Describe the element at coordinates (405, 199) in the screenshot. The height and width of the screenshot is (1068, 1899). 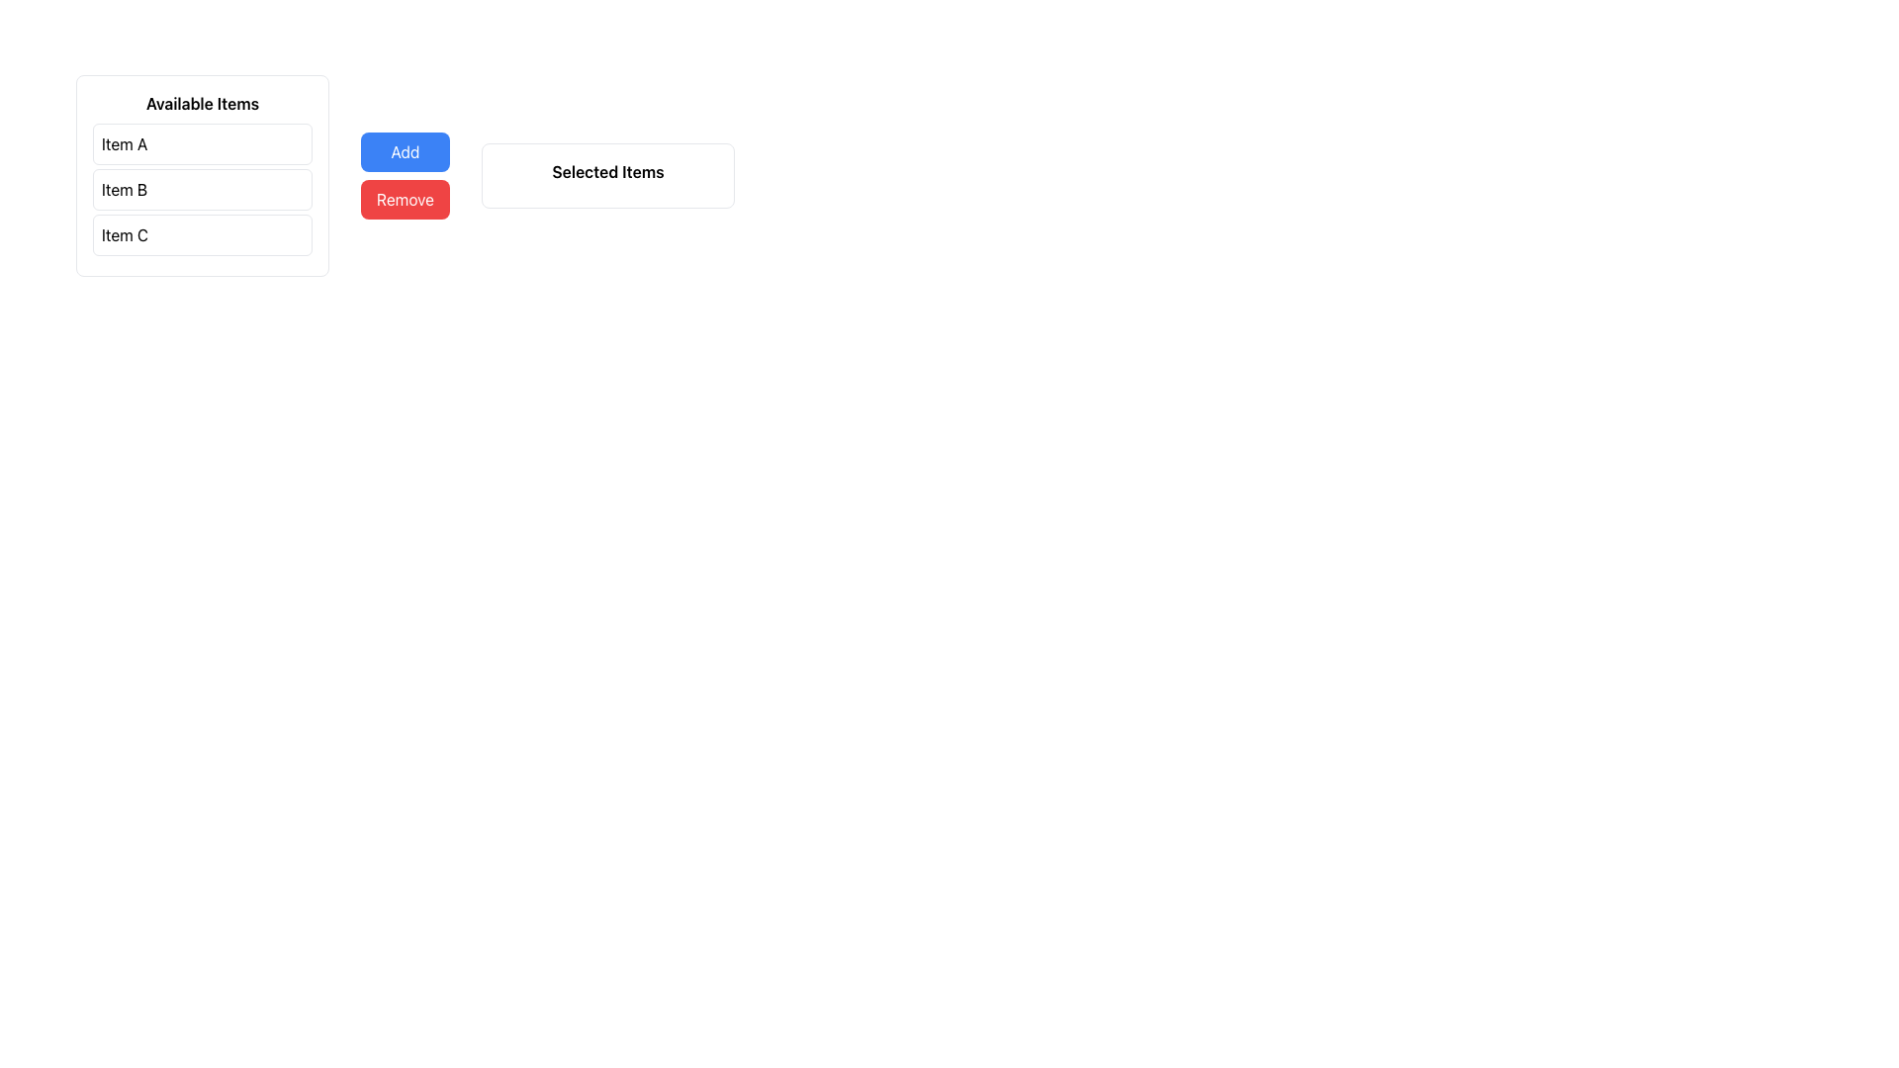
I see `the 'Remove' button located below the 'Add' button in the center-right section of the interface` at that location.